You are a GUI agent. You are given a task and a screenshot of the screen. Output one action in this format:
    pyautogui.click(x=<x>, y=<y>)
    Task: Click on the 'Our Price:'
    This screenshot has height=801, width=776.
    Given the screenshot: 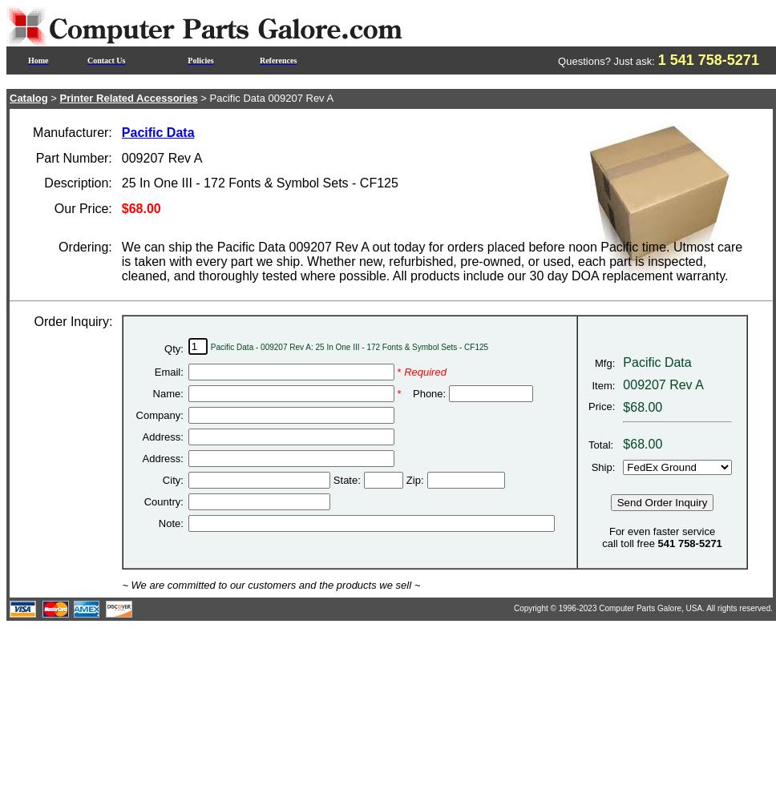 What is the action you would take?
    pyautogui.click(x=82, y=207)
    